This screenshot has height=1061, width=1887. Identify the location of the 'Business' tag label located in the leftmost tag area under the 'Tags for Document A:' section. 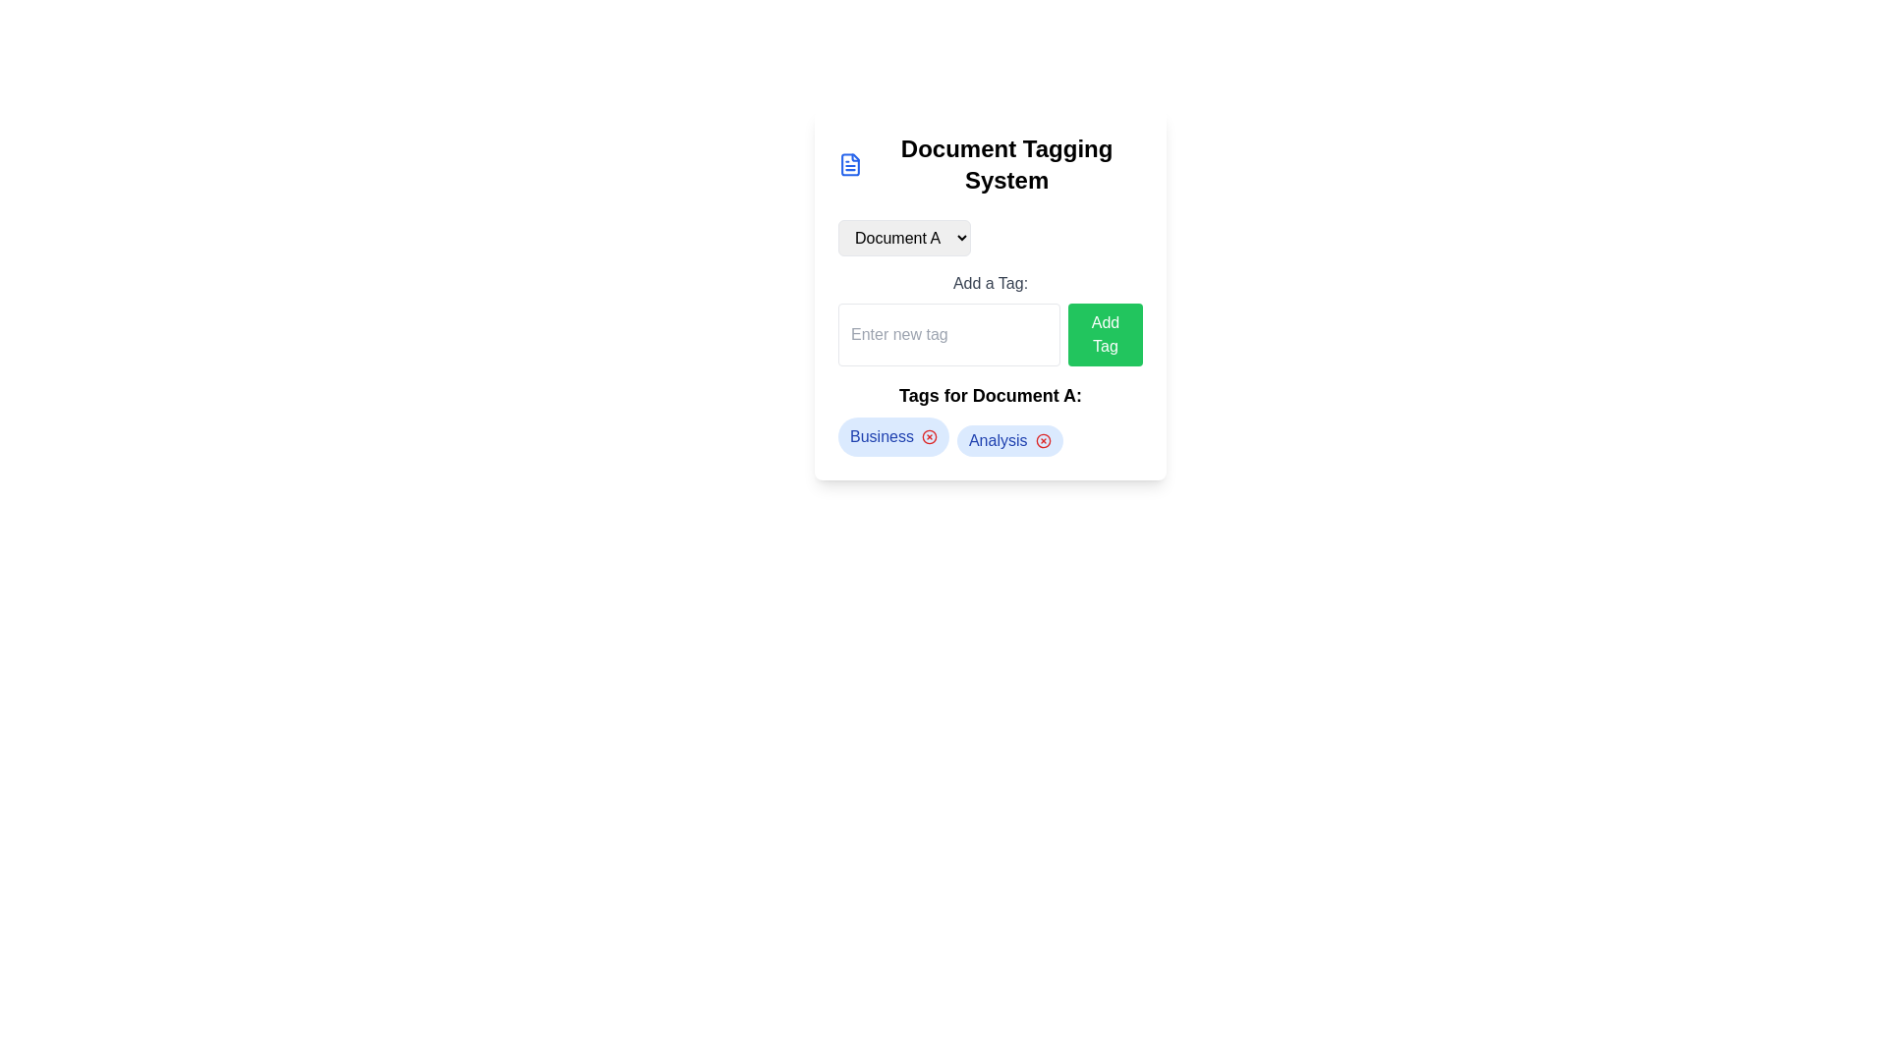
(881, 435).